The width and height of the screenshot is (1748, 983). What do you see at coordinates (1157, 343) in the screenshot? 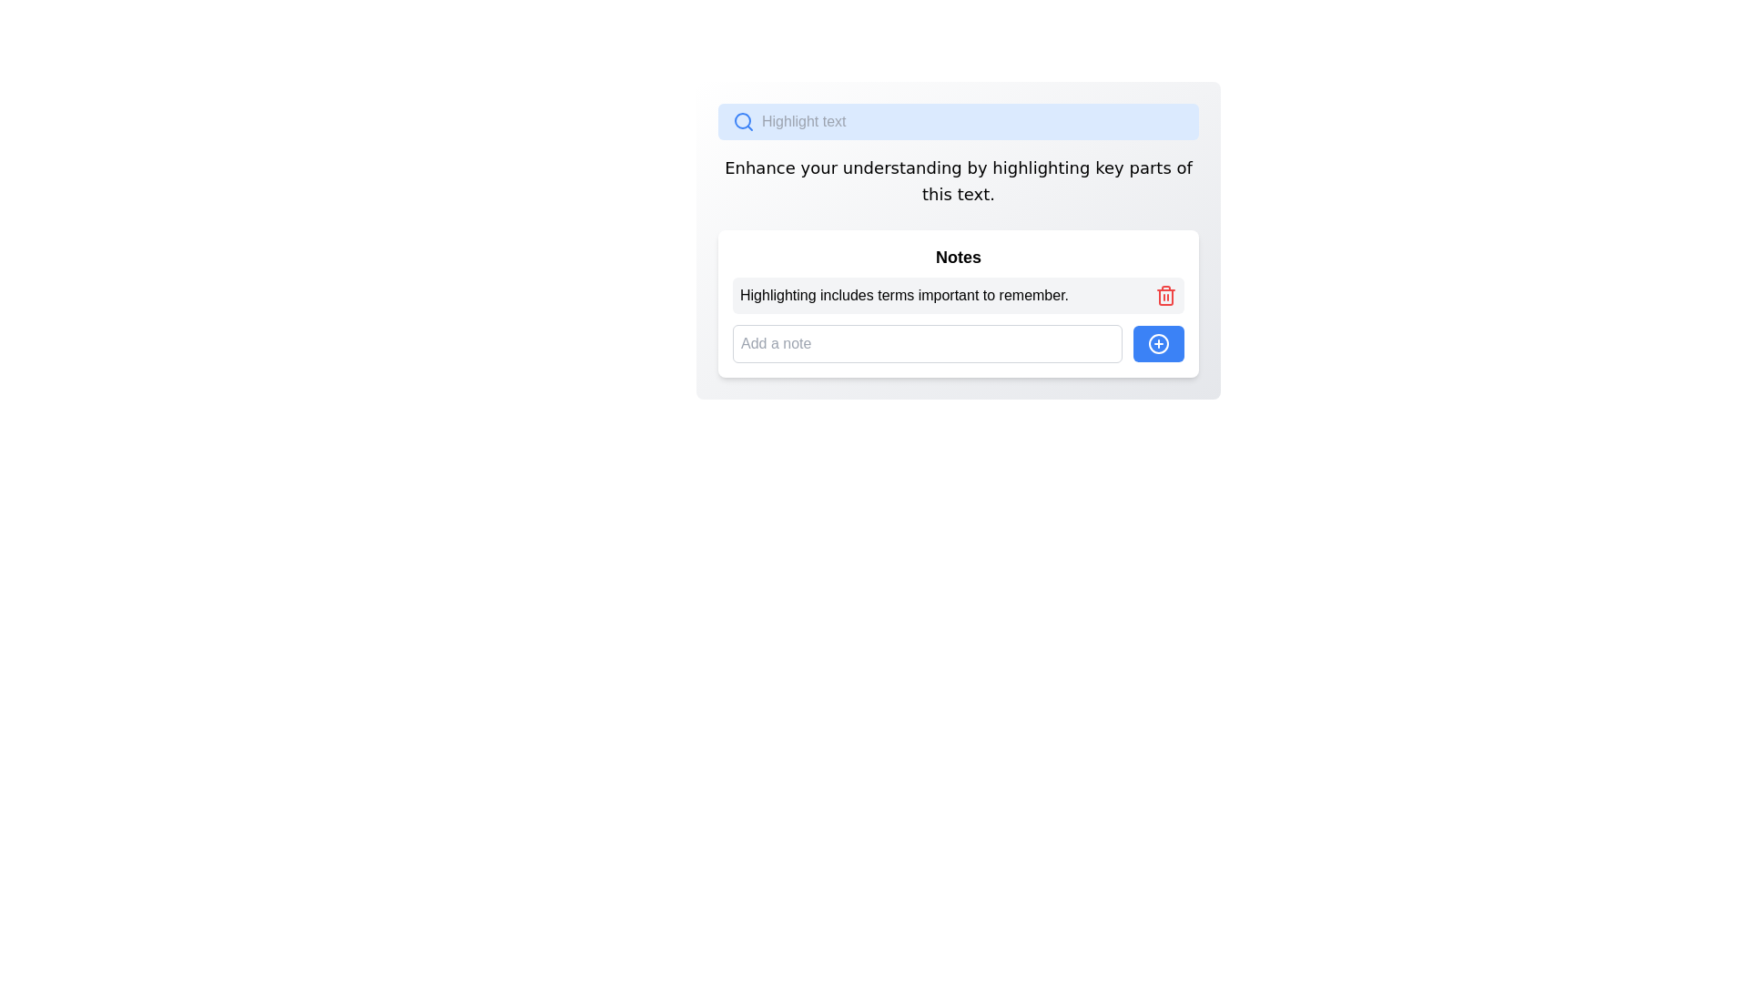
I see `the 'Add' or 'Create' icon element located in the lower right section of the blue button` at bounding box center [1157, 343].